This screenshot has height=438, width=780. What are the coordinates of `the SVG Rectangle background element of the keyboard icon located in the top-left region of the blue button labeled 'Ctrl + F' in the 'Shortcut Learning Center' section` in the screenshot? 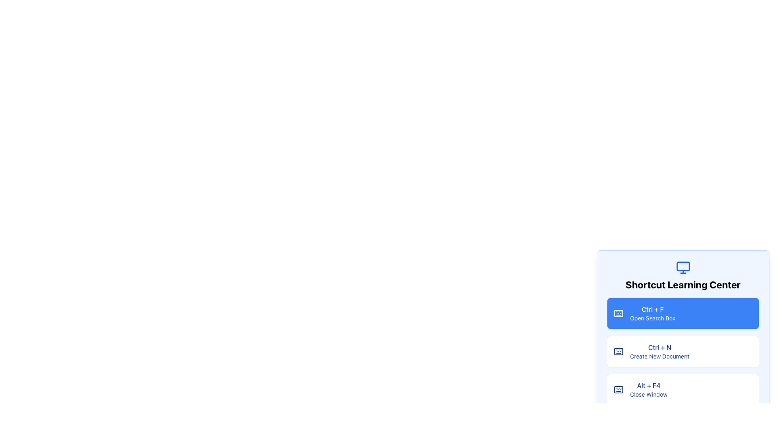 It's located at (618, 351).